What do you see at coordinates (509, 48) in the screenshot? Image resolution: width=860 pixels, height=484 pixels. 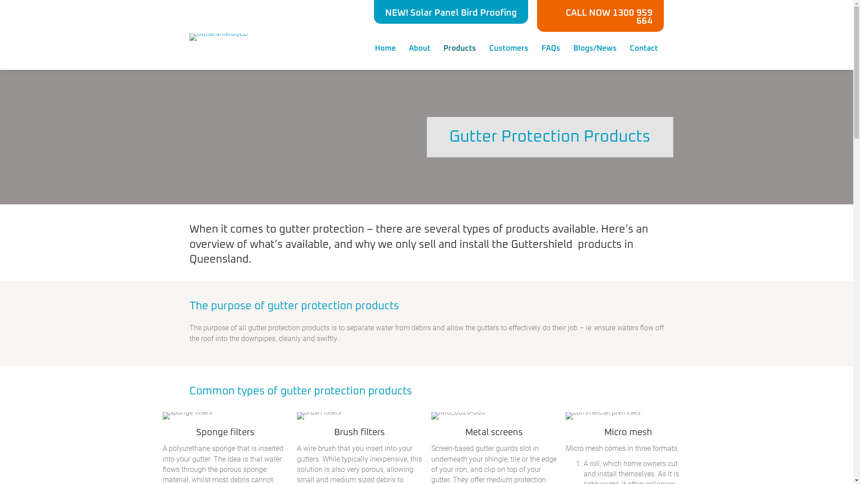 I see `'Customers'` at bounding box center [509, 48].